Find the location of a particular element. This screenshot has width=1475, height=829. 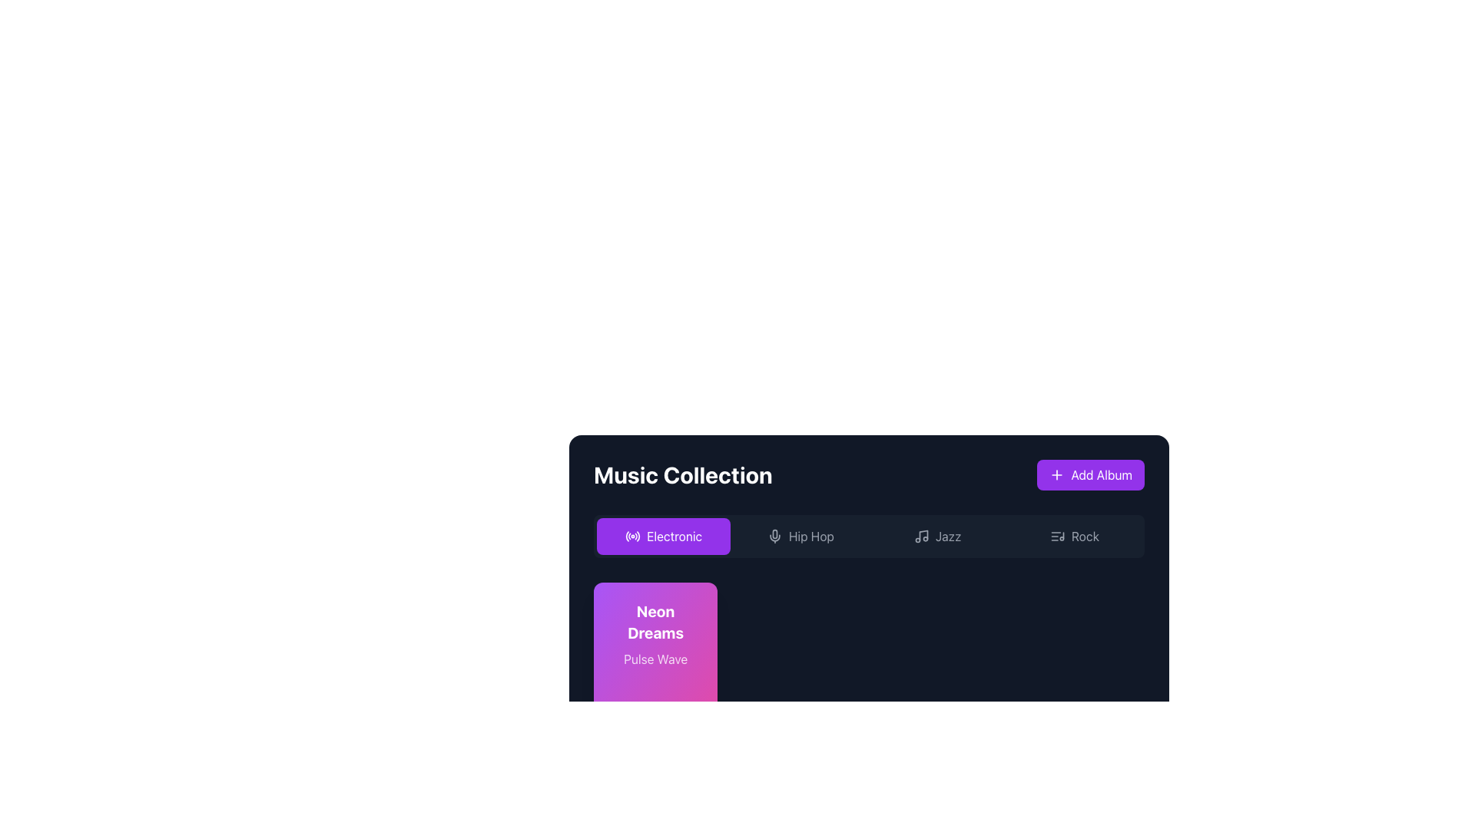

the 'Jazz' button which has a dark background, rounded edges, and features a music note icon is located at coordinates (936, 535).